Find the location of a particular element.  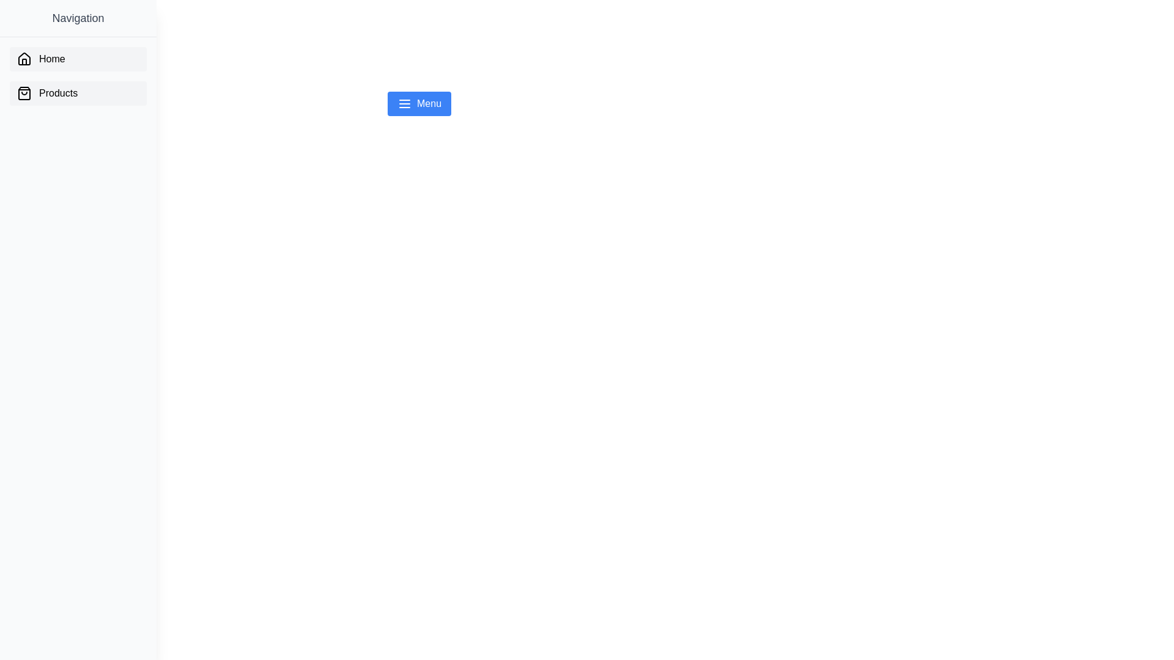

the 'Home' button in the drawer menu is located at coordinates (78, 59).